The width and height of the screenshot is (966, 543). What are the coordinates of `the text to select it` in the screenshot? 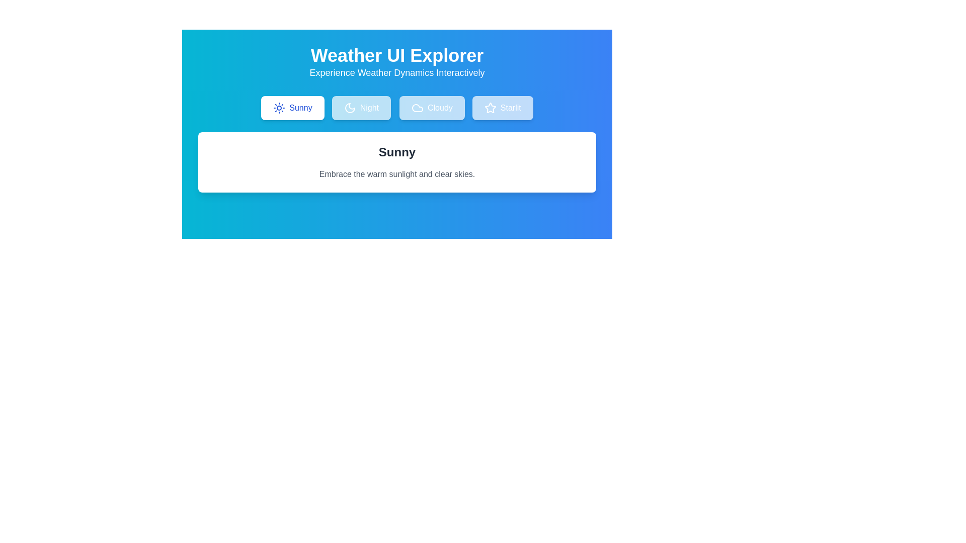 It's located at (396, 162).